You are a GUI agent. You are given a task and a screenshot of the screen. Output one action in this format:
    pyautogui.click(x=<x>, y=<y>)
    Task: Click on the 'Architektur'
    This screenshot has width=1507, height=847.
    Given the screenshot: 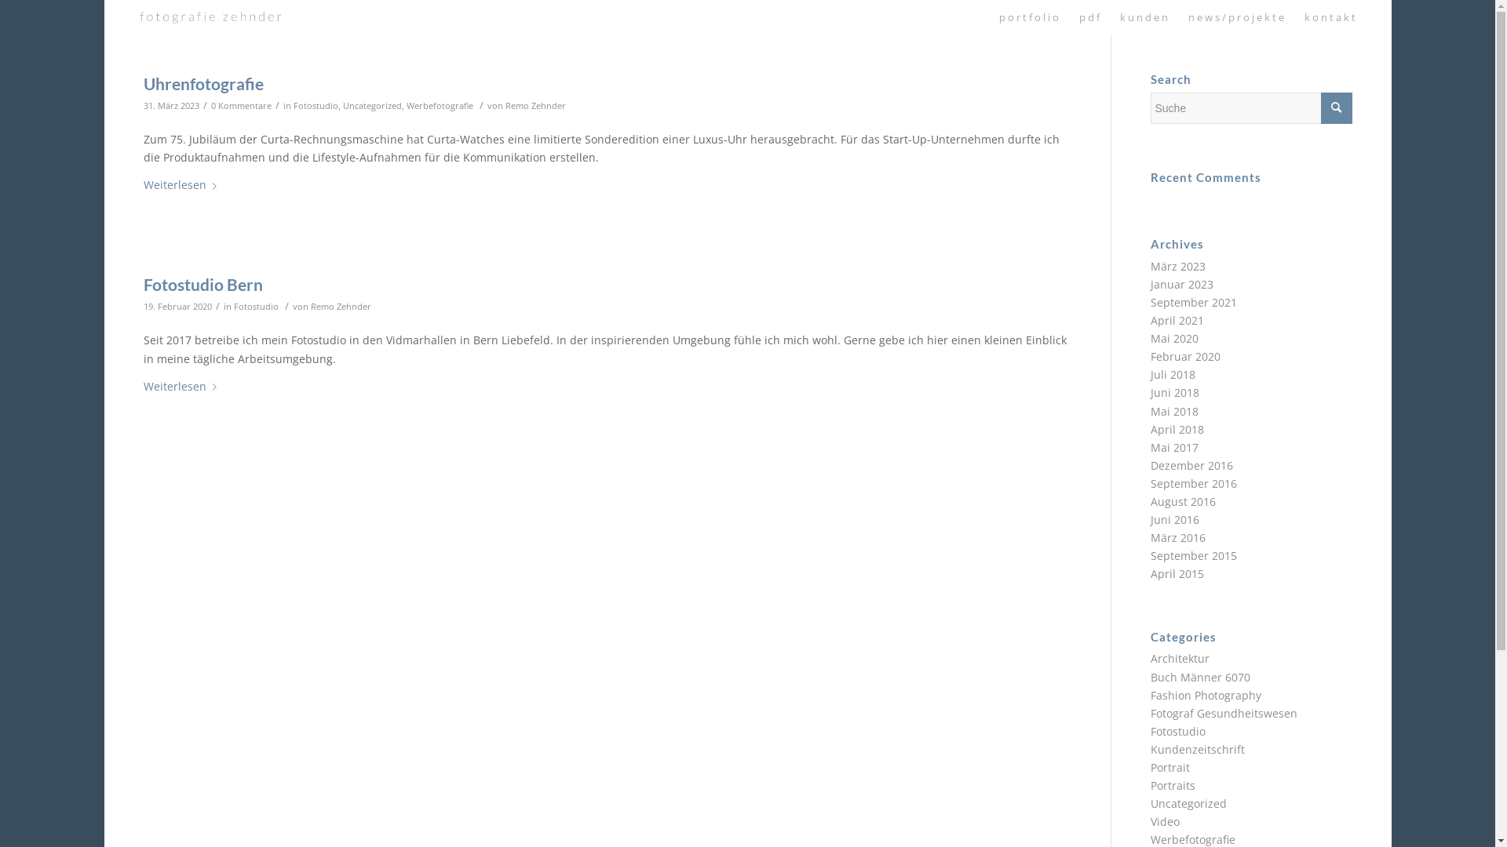 What is the action you would take?
    pyautogui.click(x=1180, y=658)
    